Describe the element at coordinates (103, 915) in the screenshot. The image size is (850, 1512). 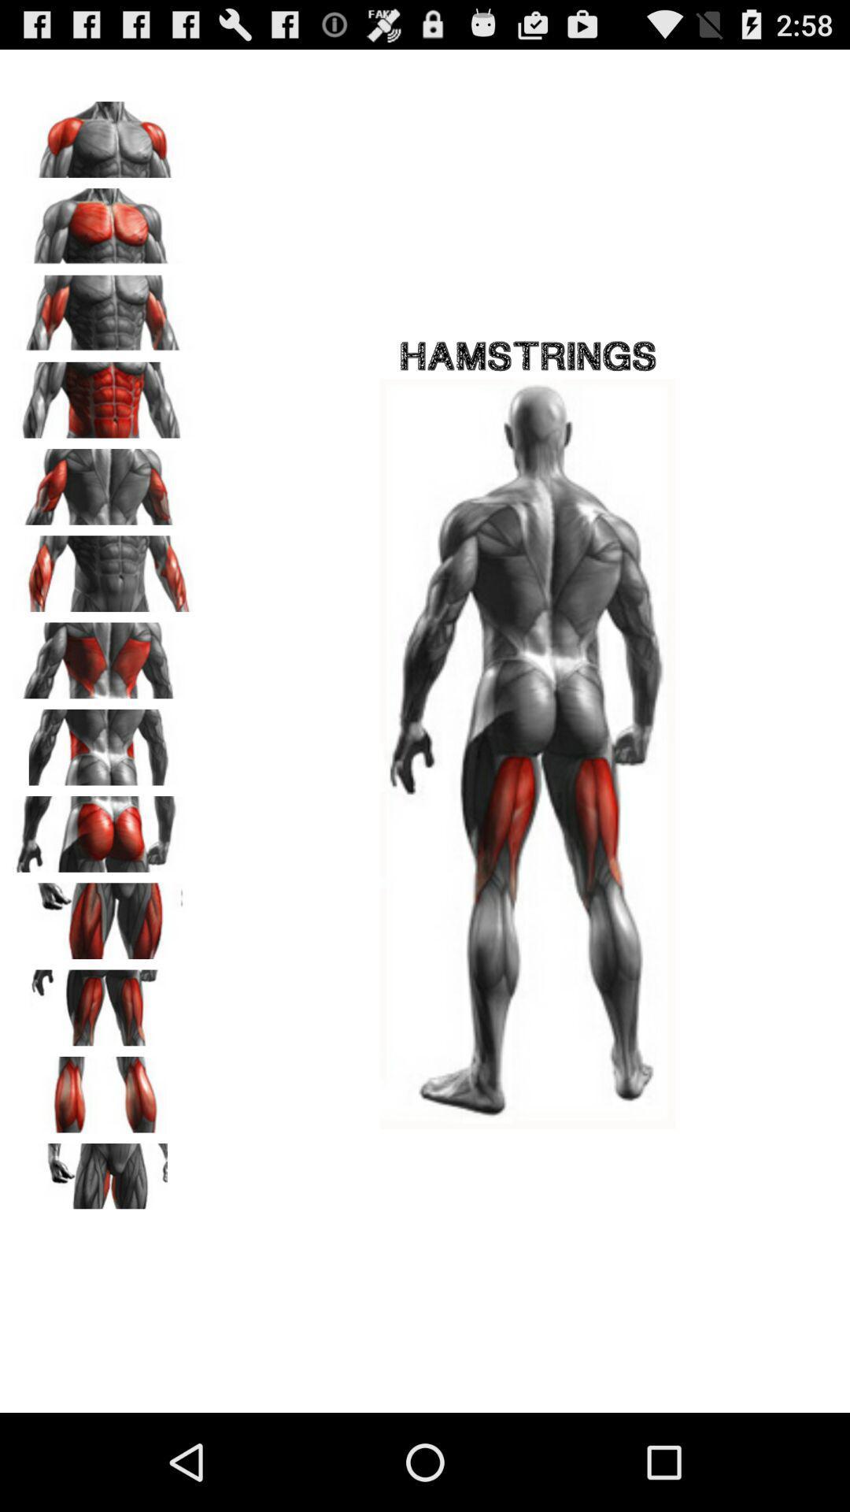
I see `zoom in to the selected region` at that location.